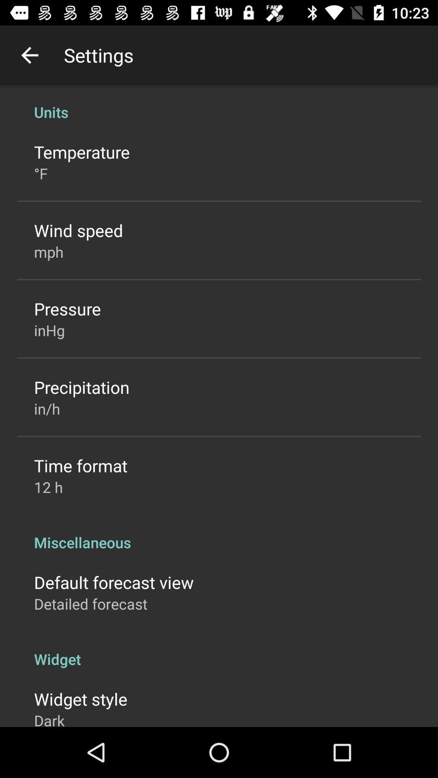 The width and height of the screenshot is (438, 778). I want to click on item next to settings, so click(29, 55).